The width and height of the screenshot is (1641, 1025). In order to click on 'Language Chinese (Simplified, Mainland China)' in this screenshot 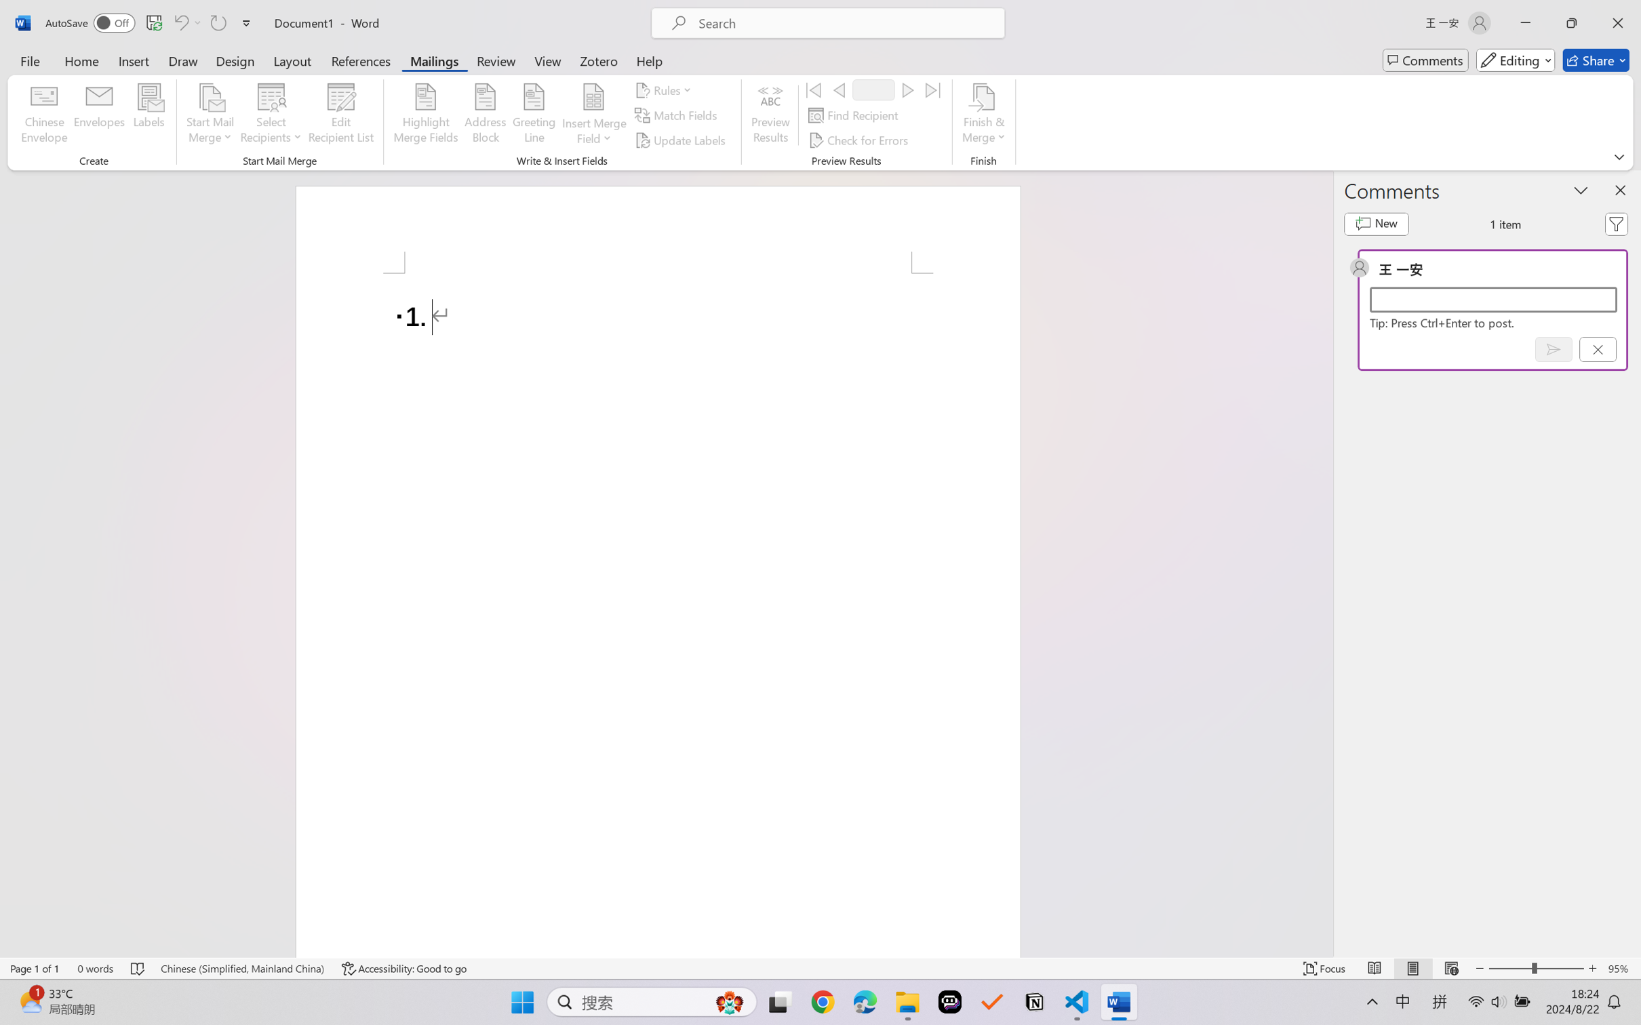, I will do `click(241, 968)`.